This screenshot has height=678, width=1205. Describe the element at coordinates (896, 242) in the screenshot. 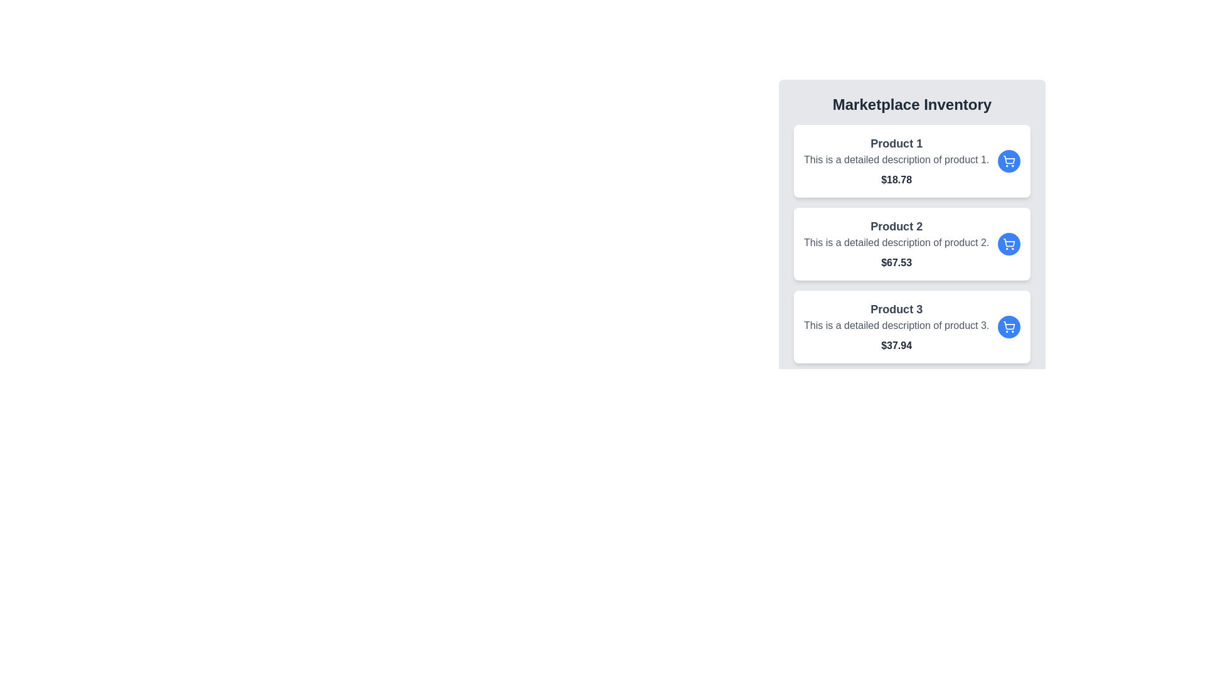

I see `text segment that reads 'This is a detailed description of product 2.' which is styled with a light-gray font color and is positioned below the title 'Product 2' in the Marketplace Inventory grid` at that location.